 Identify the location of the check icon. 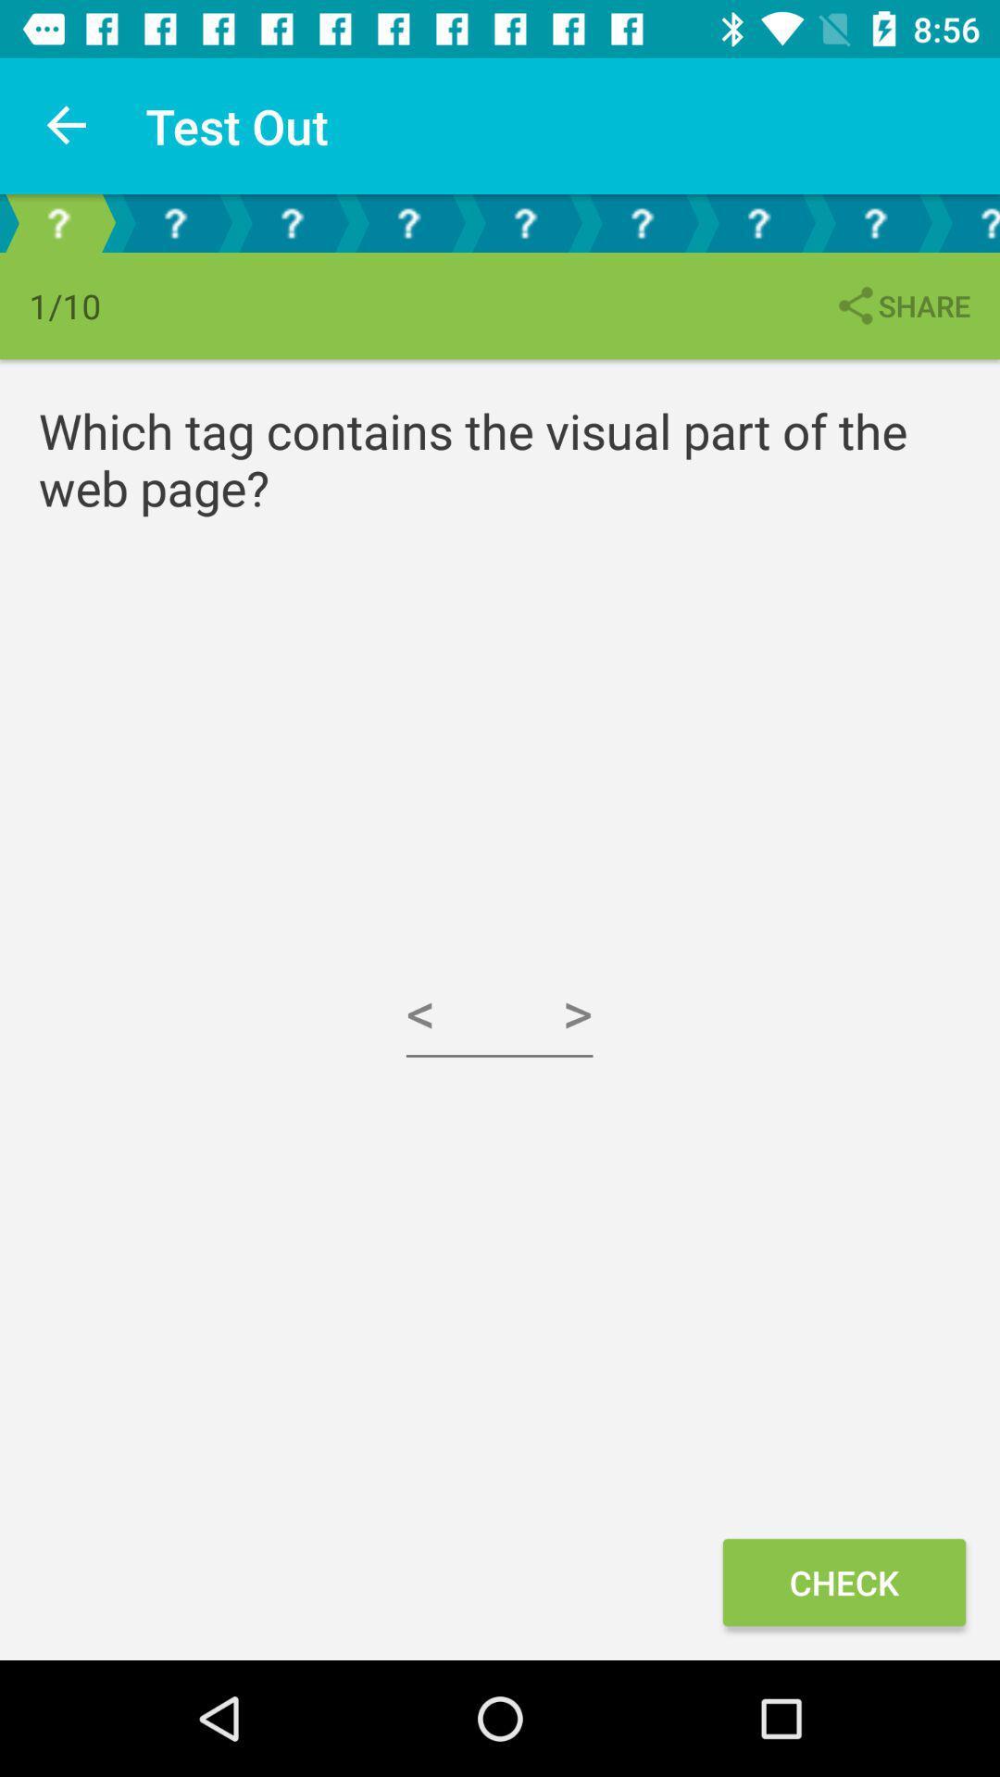
(844, 1581).